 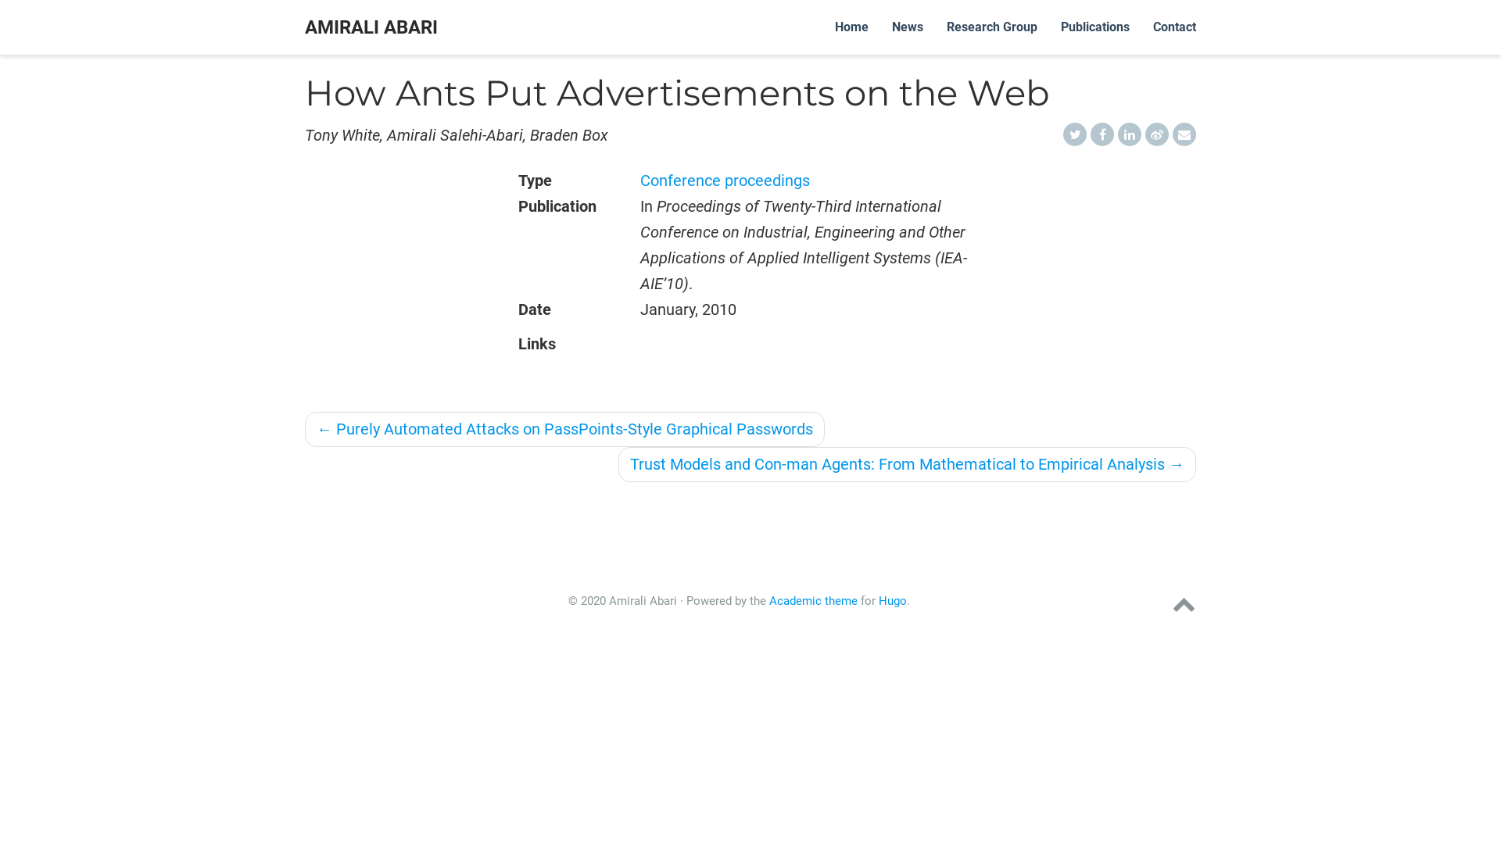 What do you see at coordinates (1174, 27) in the screenshot?
I see `'Contact'` at bounding box center [1174, 27].